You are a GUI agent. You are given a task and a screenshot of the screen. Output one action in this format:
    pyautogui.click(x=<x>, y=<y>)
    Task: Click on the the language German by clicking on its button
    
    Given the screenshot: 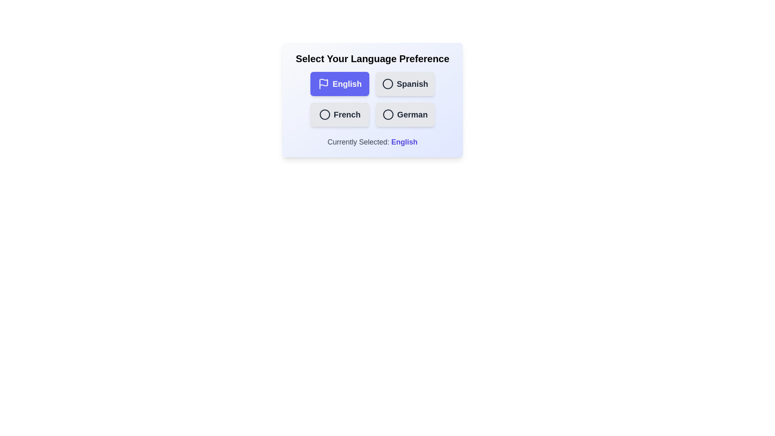 What is the action you would take?
    pyautogui.click(x=405, y=115)
    